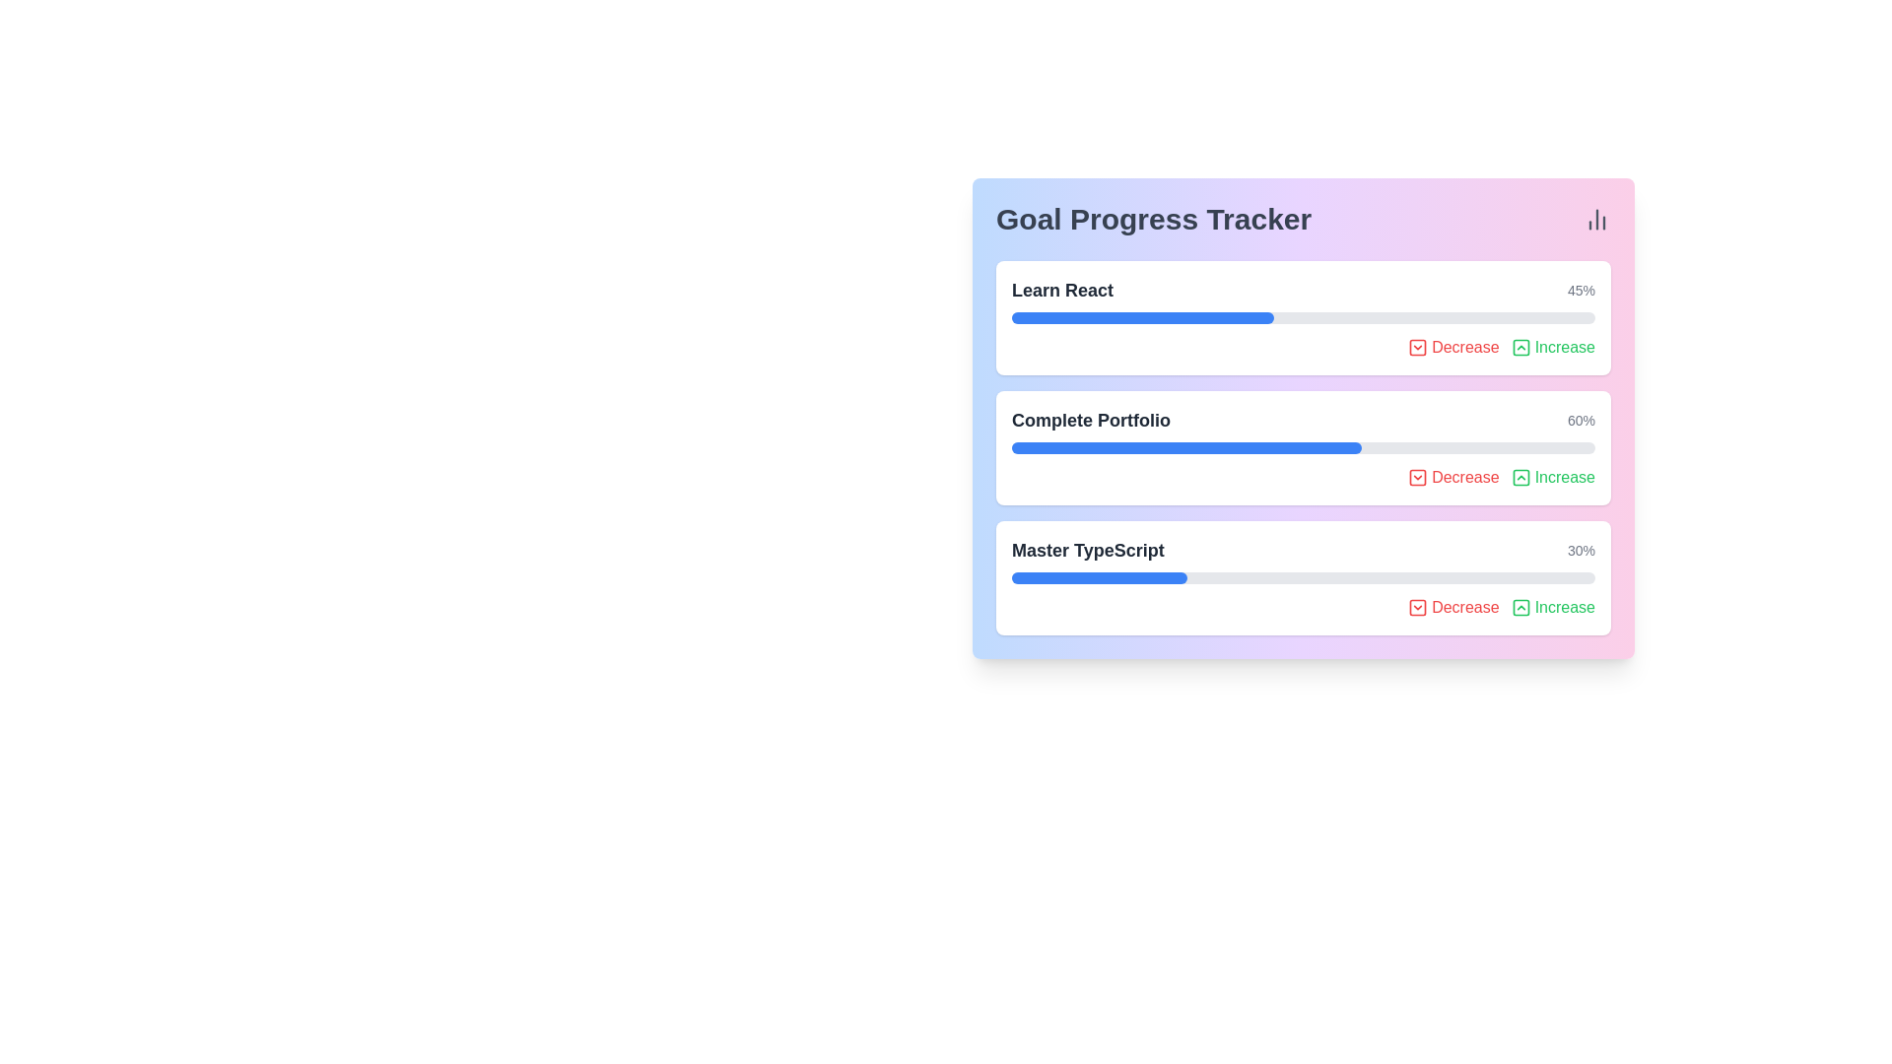  What do you see at coordinates (1087, 551) in the screenshot?
I see `the text label reading 'Master TypeScript', which is bold and dark gray, located in the bottom section of a vertically stacked list of progress trackers` at bounding box center [1087, 551].